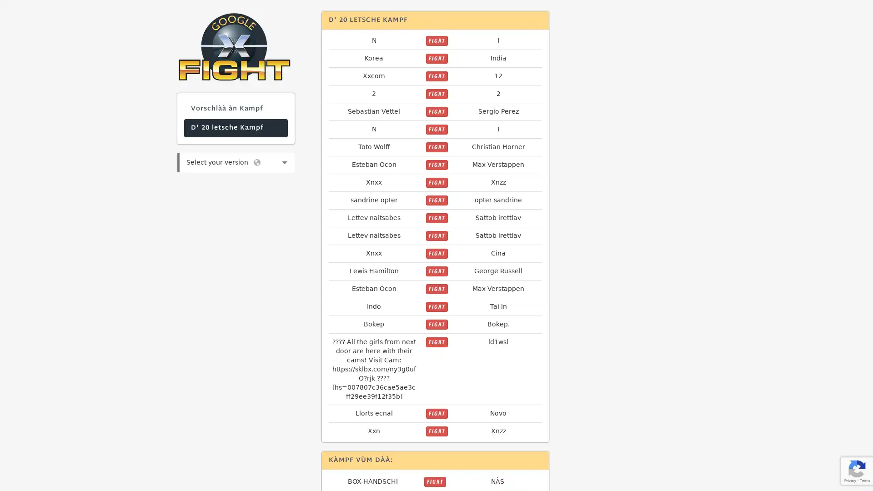  I want to click on FIGHT, so click(436, 431).